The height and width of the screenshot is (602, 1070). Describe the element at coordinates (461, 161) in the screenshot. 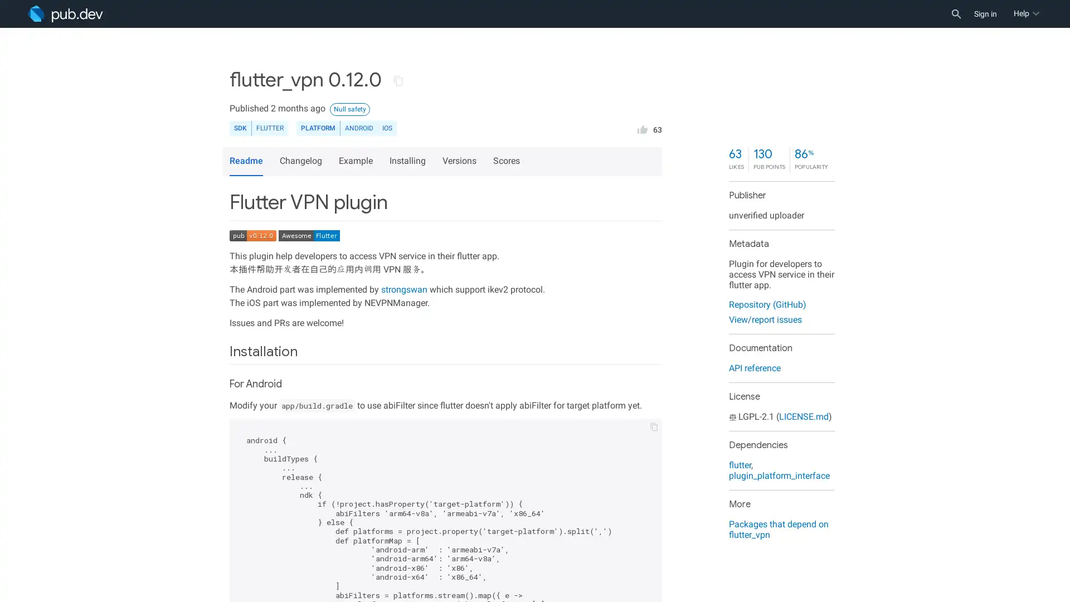

I see `Versions` at that location.